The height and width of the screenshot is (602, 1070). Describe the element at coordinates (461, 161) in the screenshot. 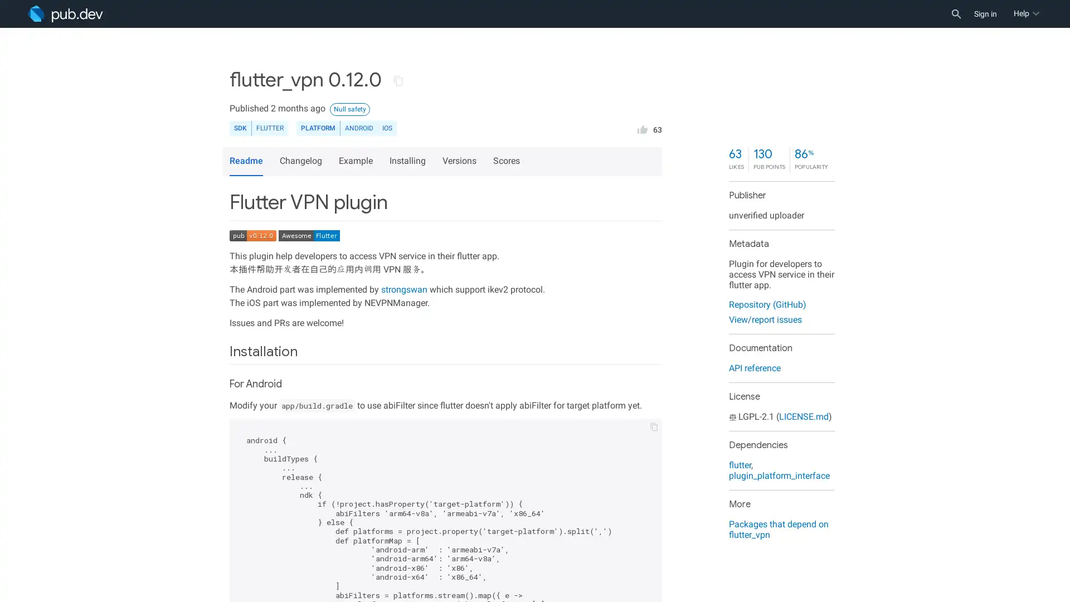

I see `Versions` at that location.